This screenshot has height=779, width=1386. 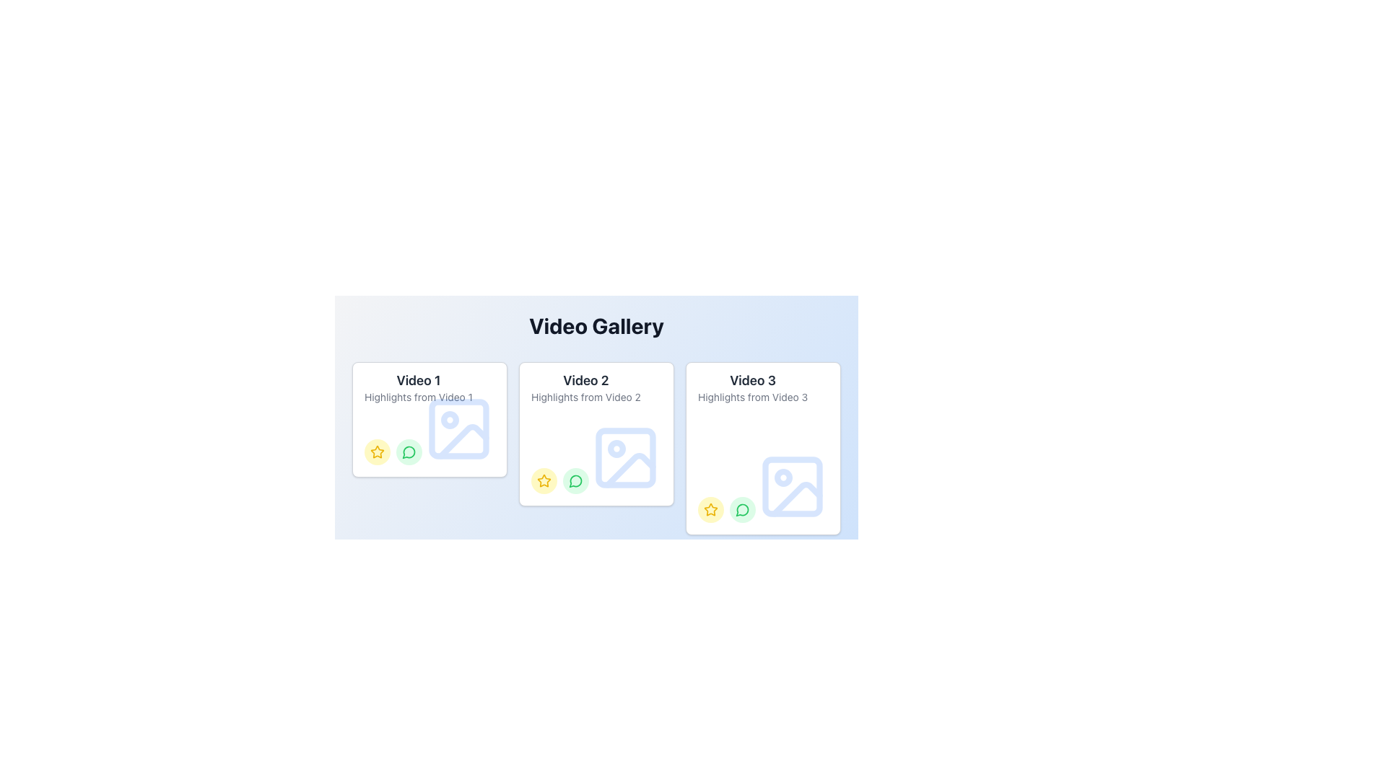 I want to click on the image icon in the bottom-right corner of the 'Video 3' card under the 'Video Gallery' heading, so click(x=792, y=487).